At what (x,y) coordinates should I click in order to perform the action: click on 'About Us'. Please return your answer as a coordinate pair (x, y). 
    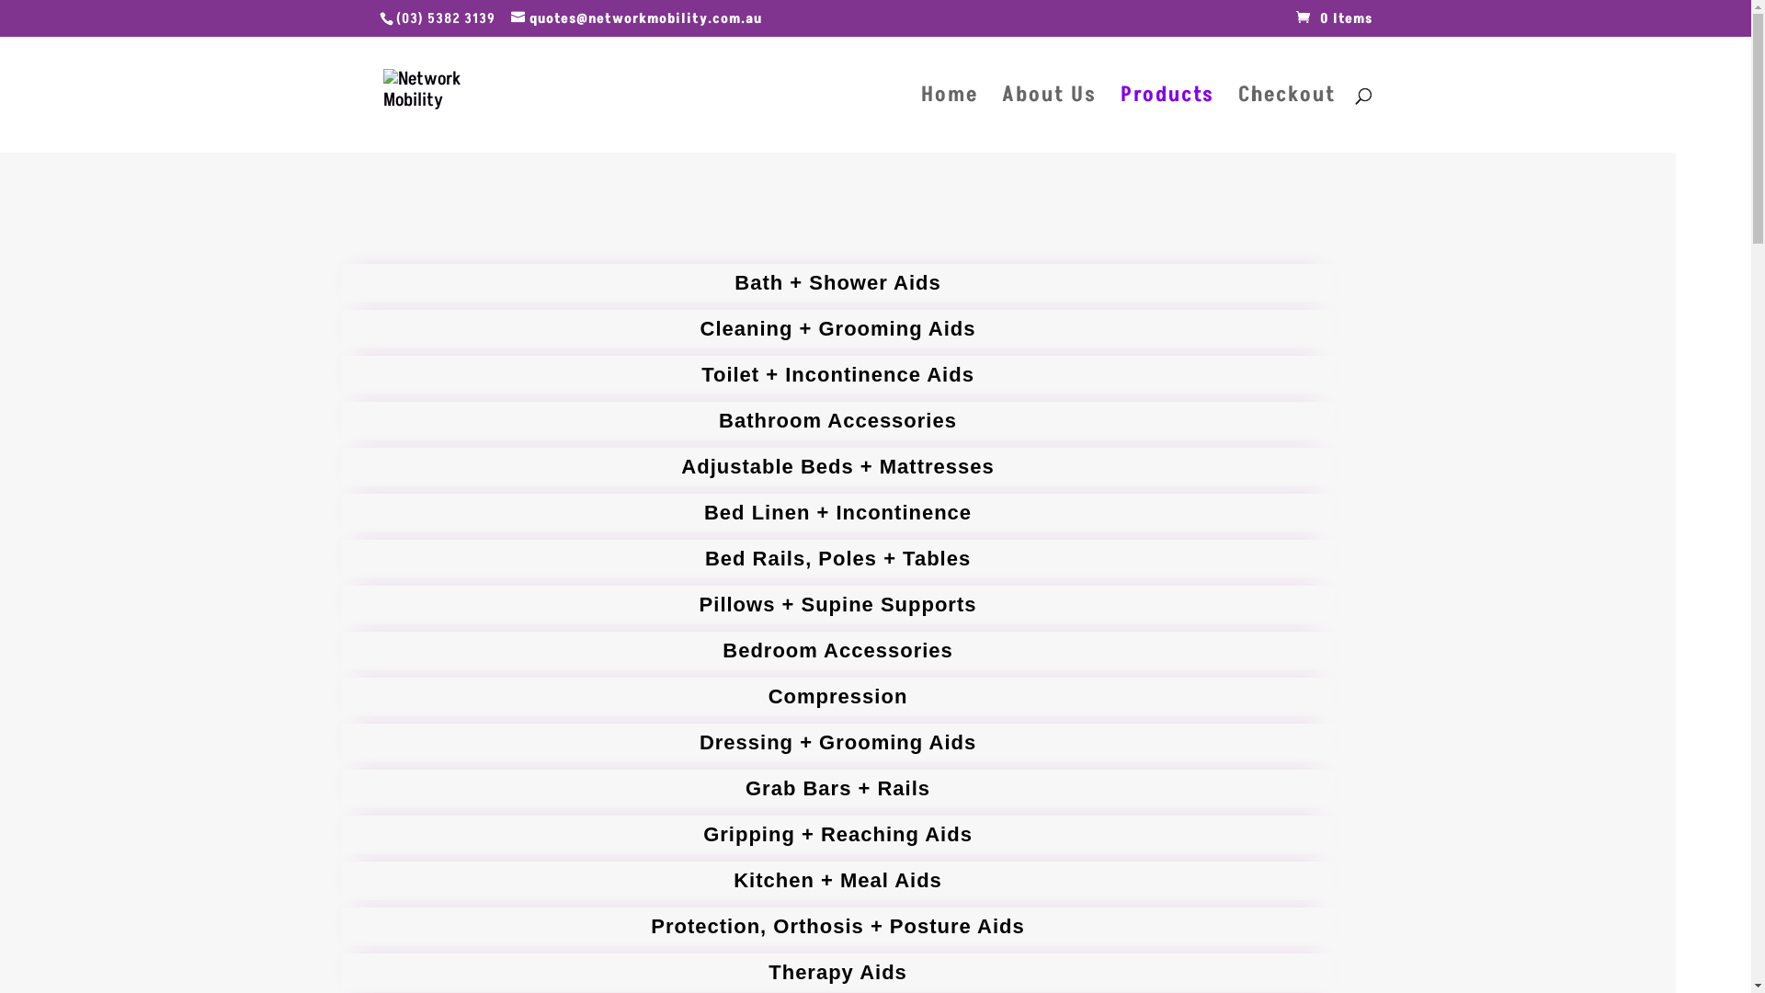
    Looking at the image, I should click on (1049, 120).